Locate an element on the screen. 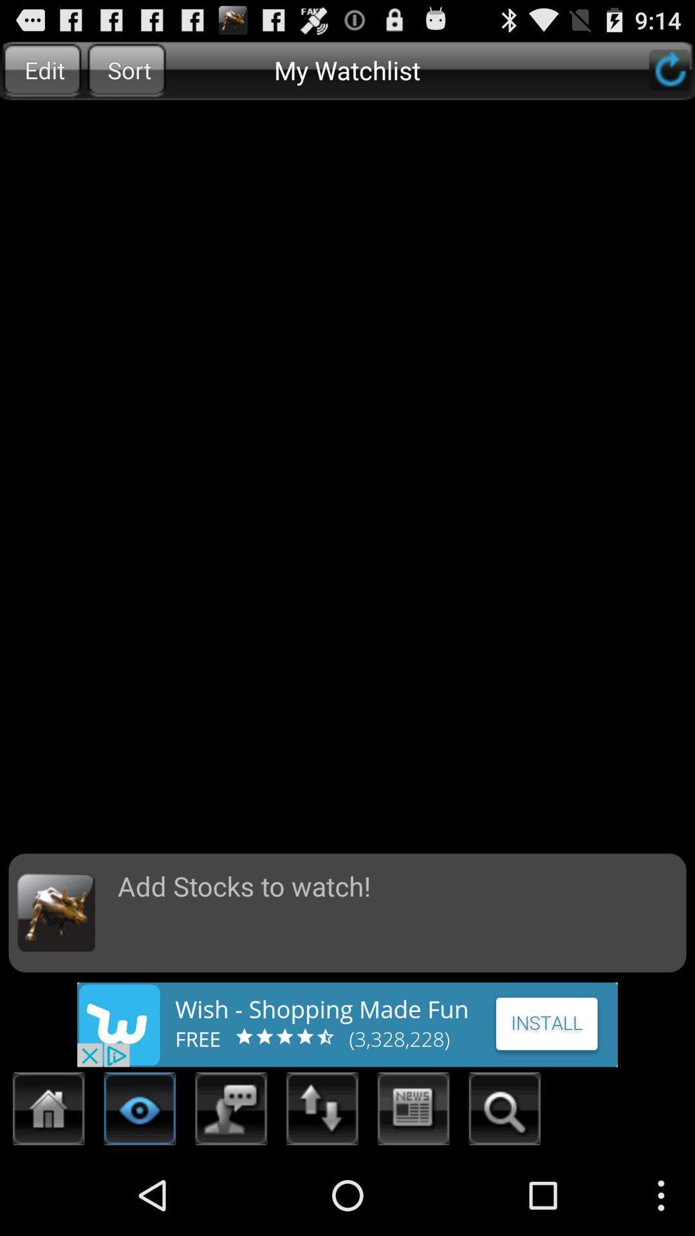  reading mode is located at coordinates (140, 1112).